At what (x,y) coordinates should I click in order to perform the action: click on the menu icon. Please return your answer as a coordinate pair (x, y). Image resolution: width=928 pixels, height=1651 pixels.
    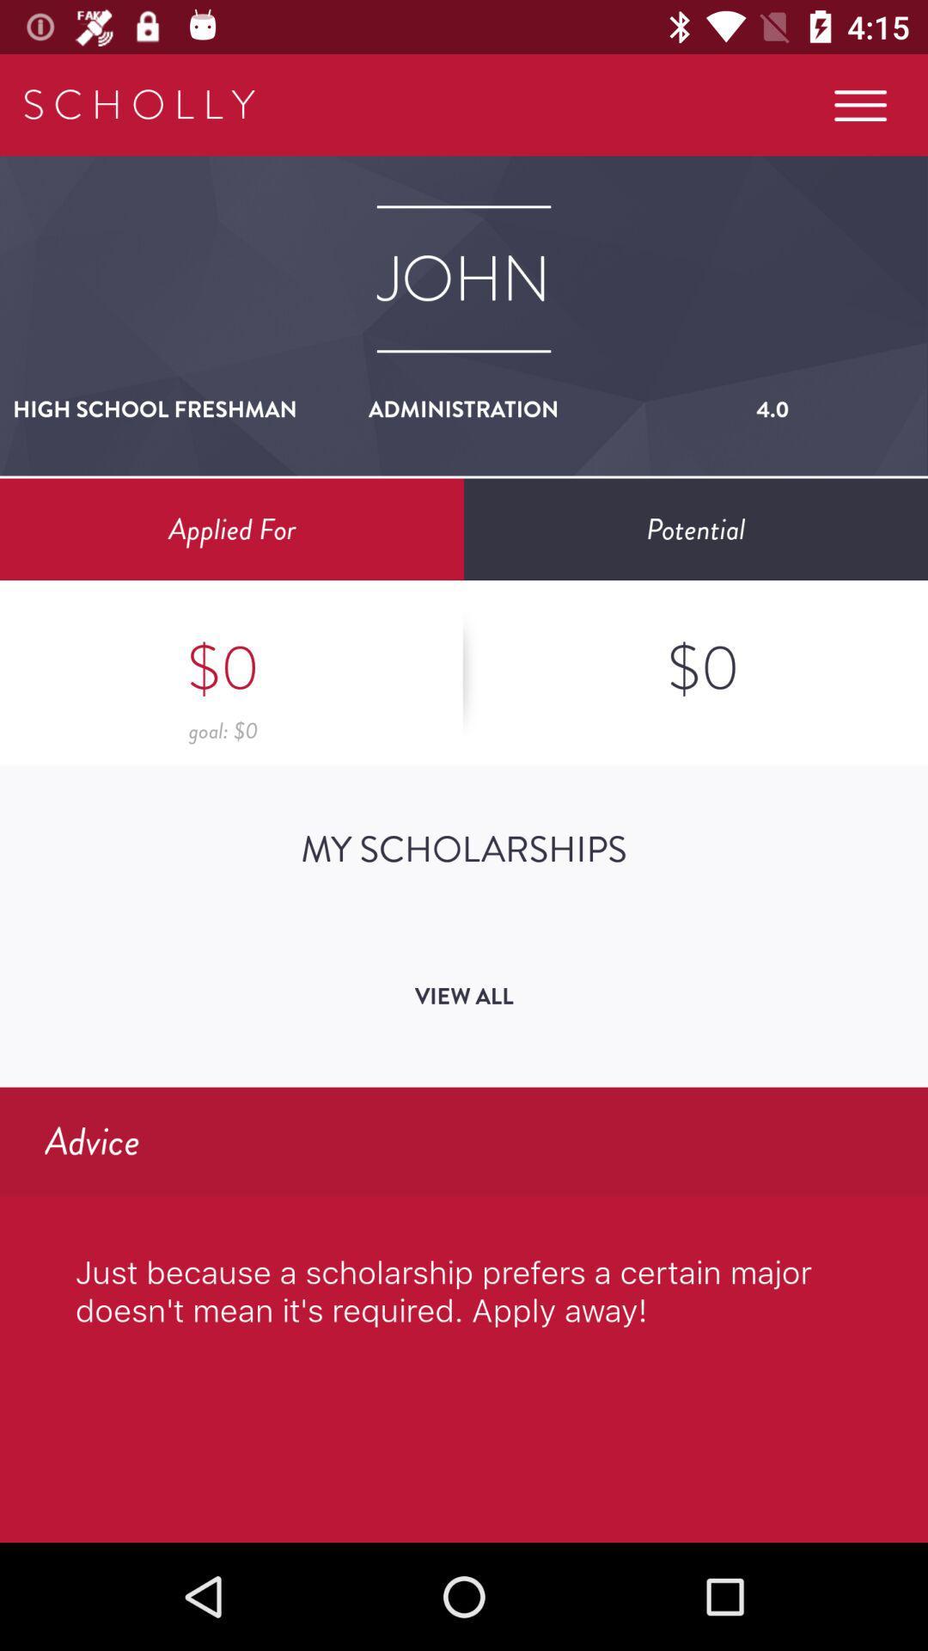
    Looking at the image, I should click on (860, 104).